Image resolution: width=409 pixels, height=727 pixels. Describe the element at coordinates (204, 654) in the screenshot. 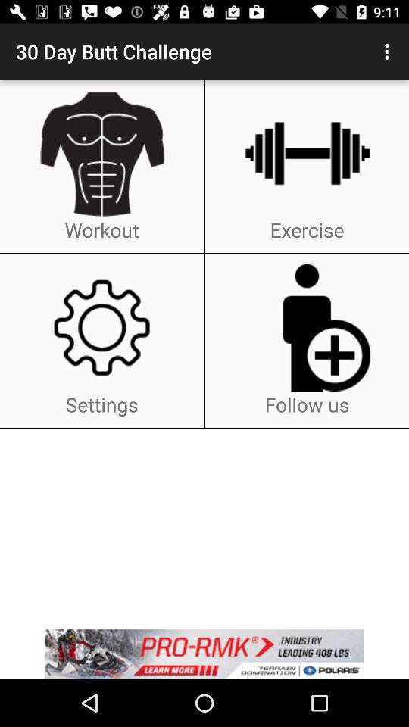

I see `advertisement link` at that location.